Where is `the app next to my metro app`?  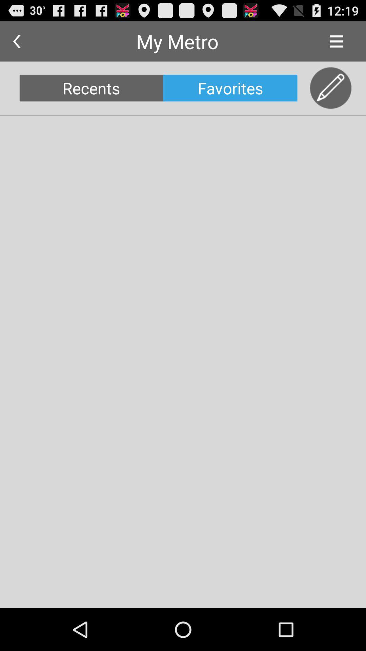 the app next to my metro app is located at coordinates (16, 41).